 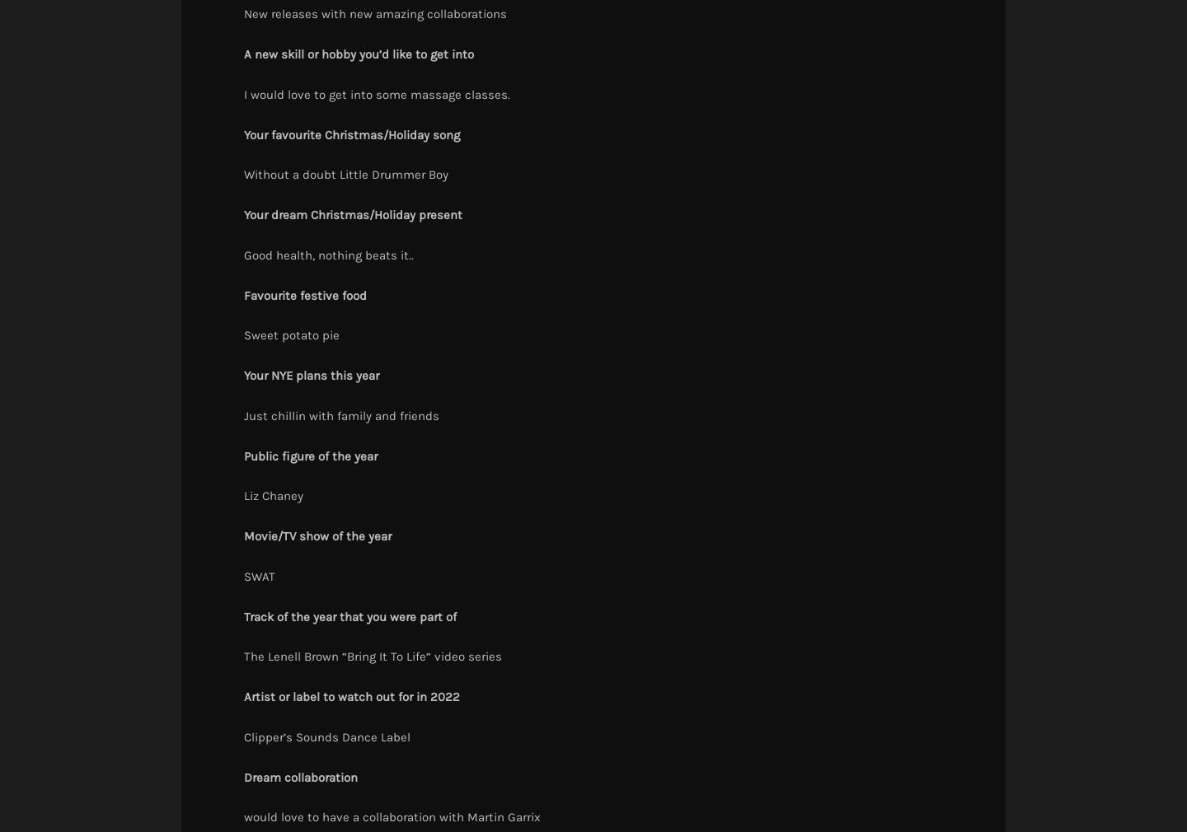 What do you see at coordinates (350, 615) in the screenshot?
I see `'Track of the year that you were part of'` at bounding box center [350, 615].